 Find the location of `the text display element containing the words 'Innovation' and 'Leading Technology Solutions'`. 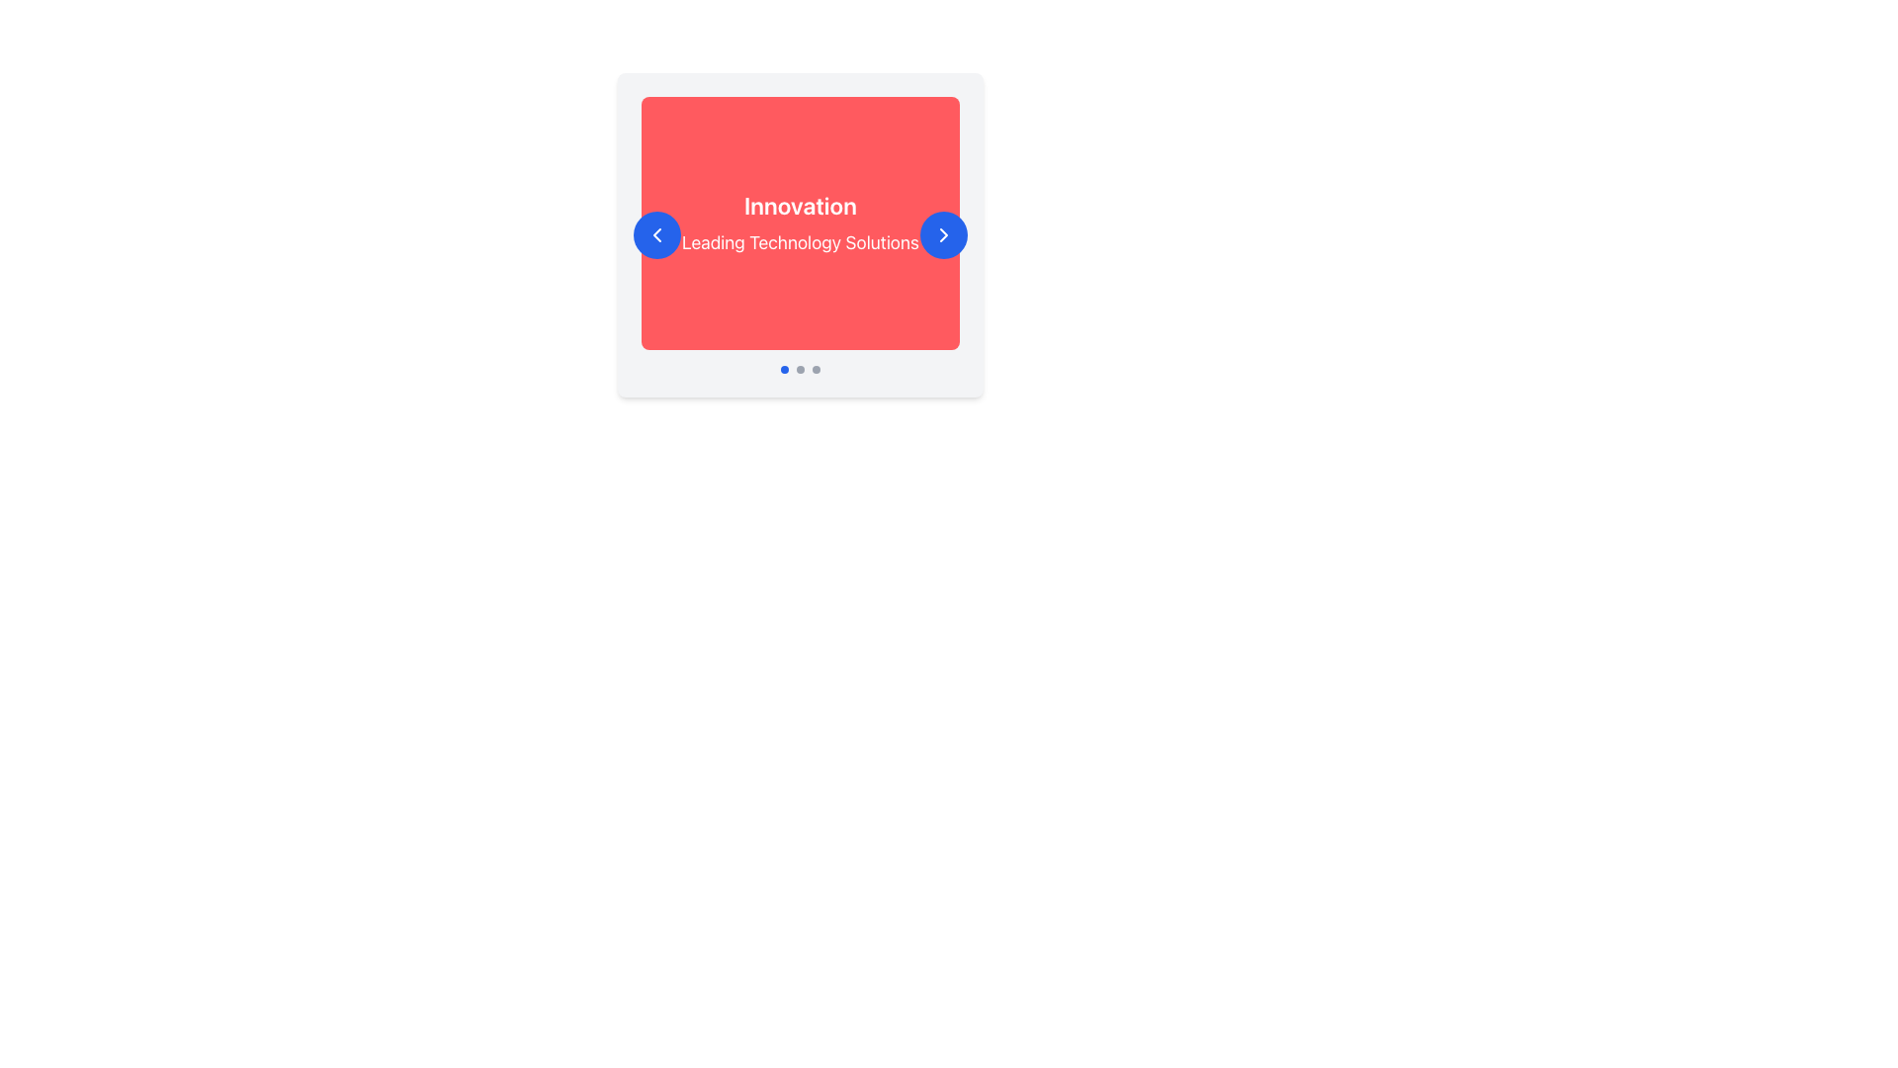

the text display element containing the words 'Innovation' and 'Leading Technology Solutions' is located at coordinates (801, 222).